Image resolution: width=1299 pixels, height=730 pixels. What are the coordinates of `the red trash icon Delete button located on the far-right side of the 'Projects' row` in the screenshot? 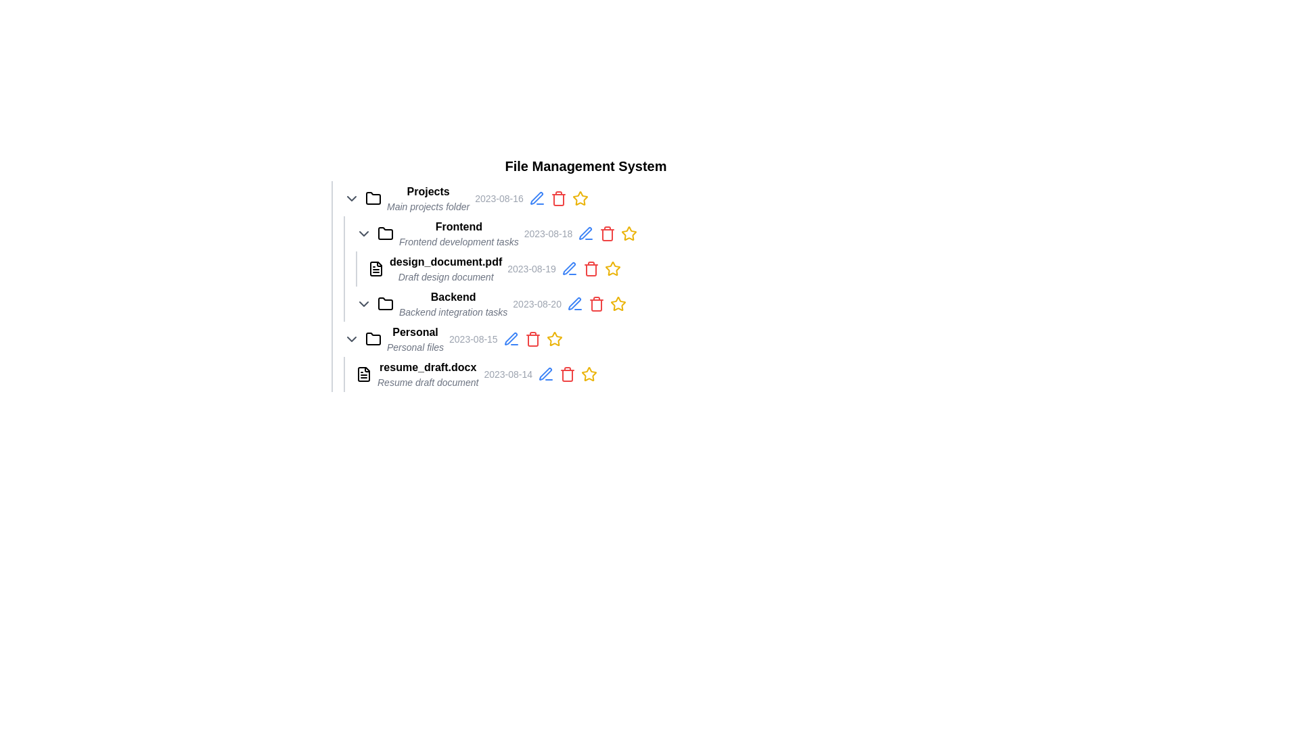 It's located at (558, 198).